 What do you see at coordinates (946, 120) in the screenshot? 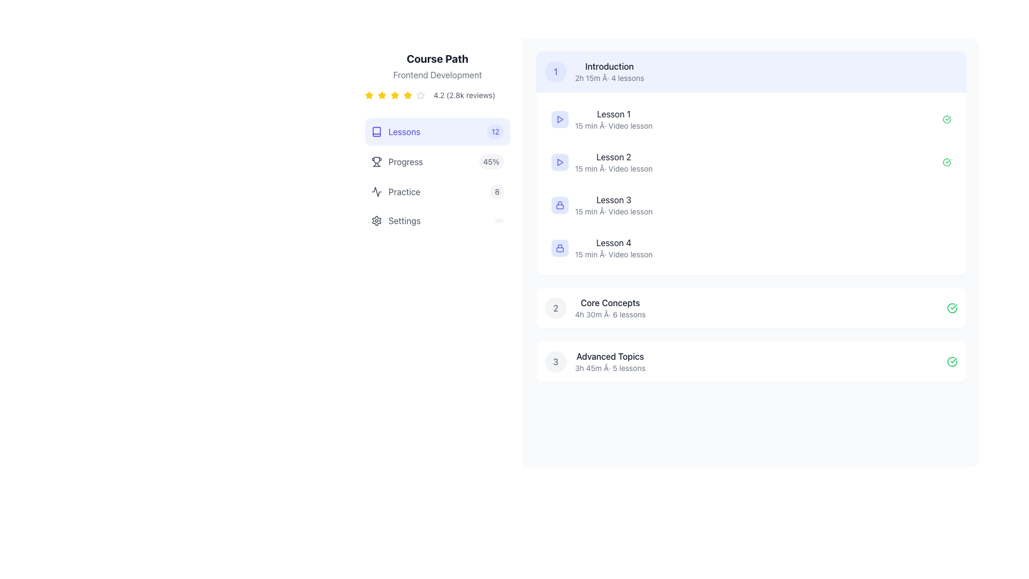
I see `the indicator icon for 'Lesson 1' that signals lesson completion, located at the rightmost side of the row aligned with '15 min · Video lesson'` at bounding box center [946, 120].